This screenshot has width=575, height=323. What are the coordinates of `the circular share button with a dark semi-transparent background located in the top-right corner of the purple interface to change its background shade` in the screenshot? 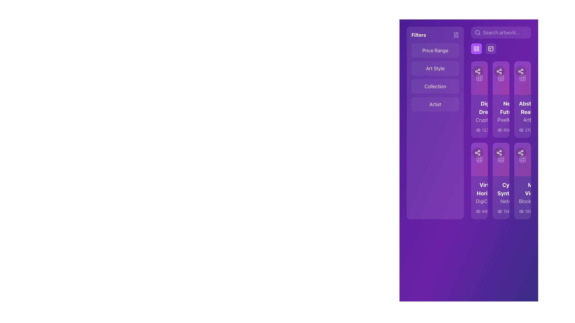 It's located at (499, 152).